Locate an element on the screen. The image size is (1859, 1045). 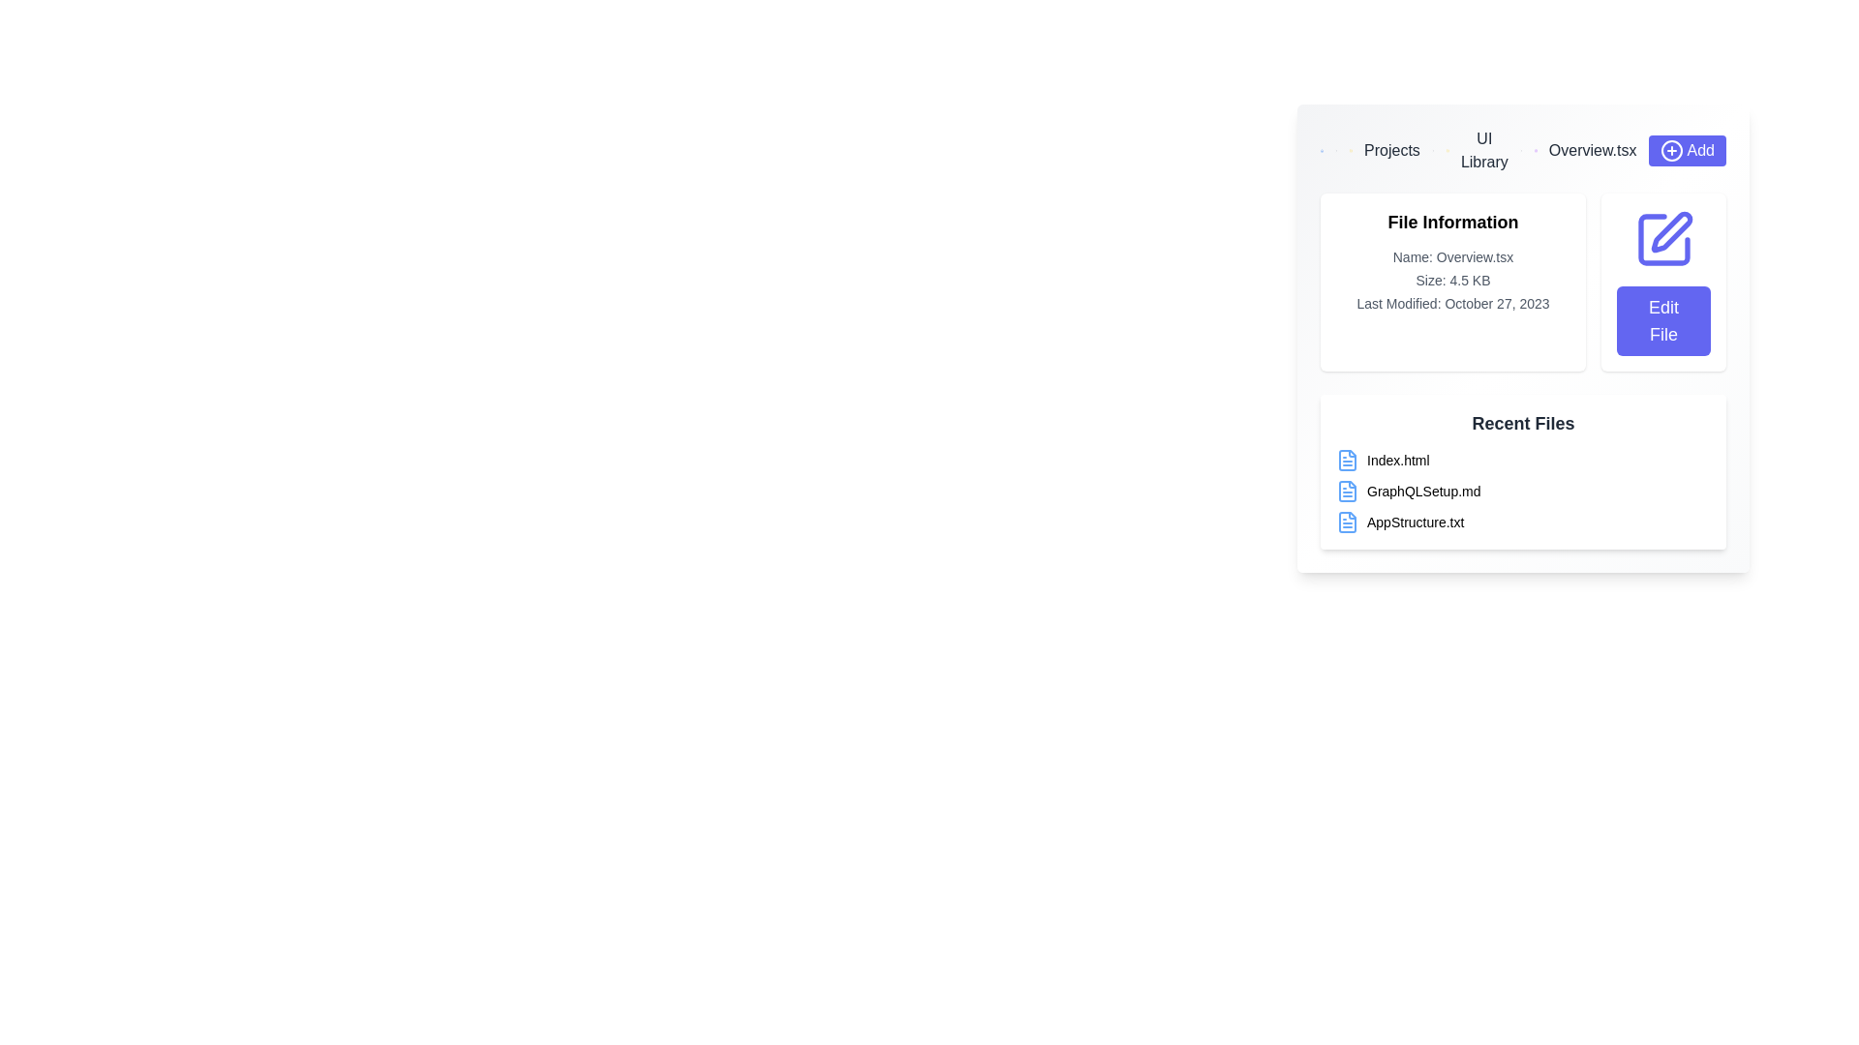
the text link displaying 'AppStructure.txt' in the recent files list at the bottom of the interface is located at coordinates (1416, 522).